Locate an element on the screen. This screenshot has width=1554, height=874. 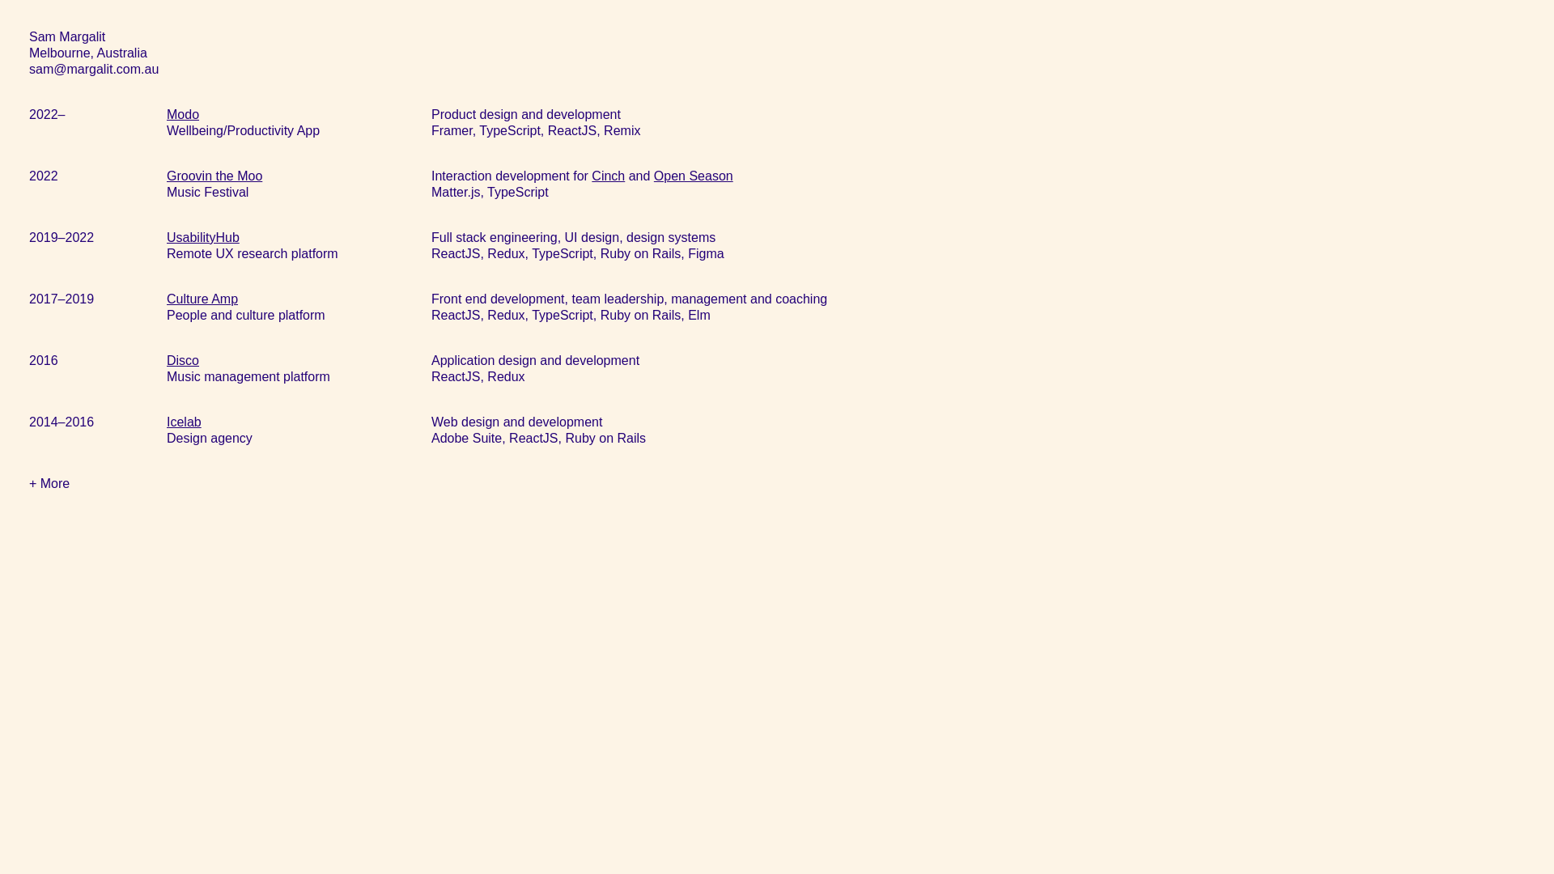
'UsabilityHub' is located at coordinates (202, 237).